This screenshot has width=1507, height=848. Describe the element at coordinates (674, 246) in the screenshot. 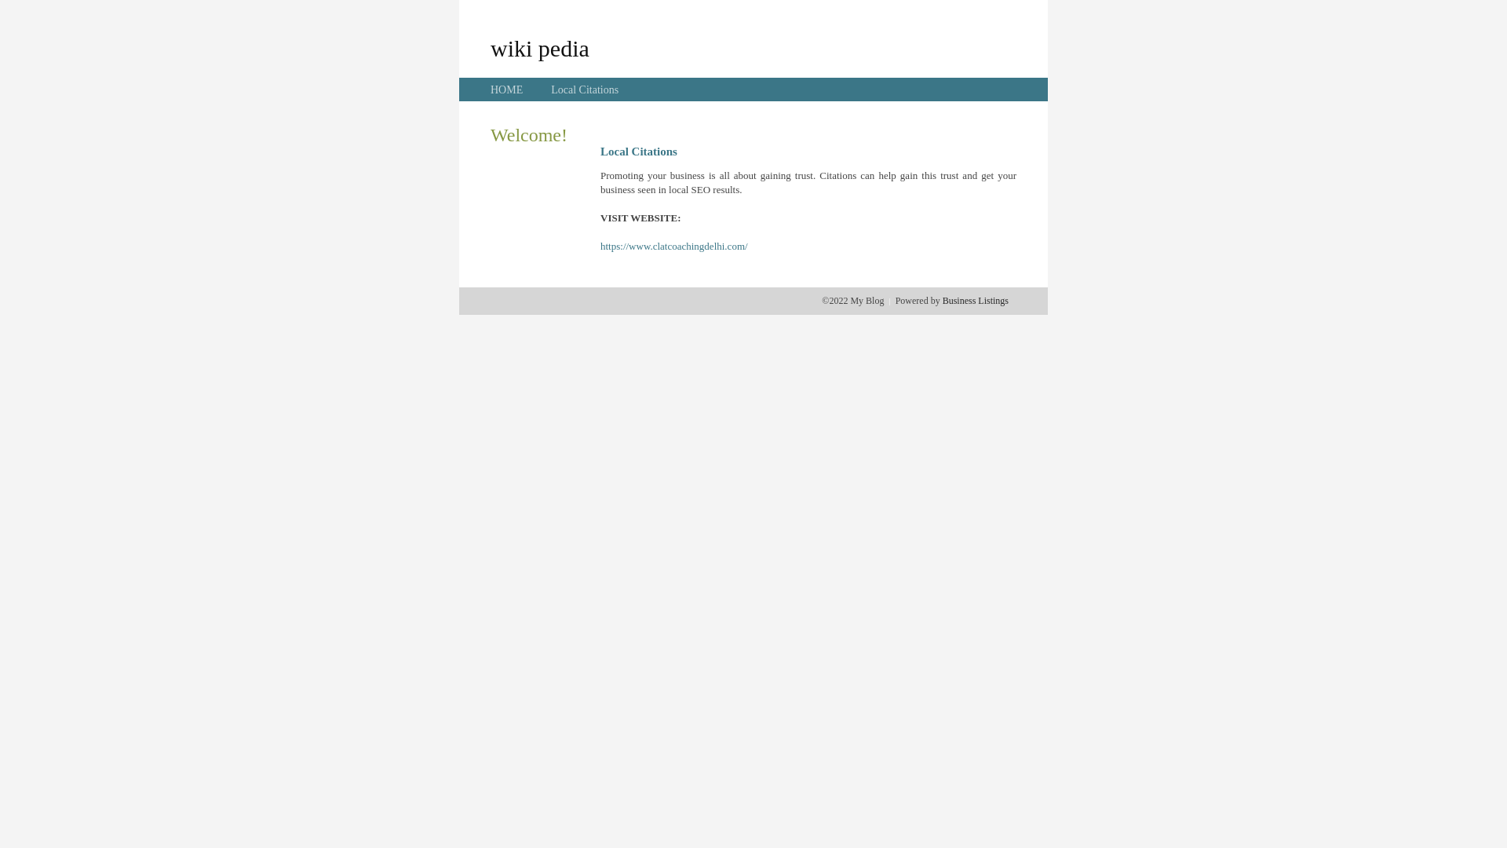

I see `'https://www.clatcoachingdelhi.com/'` at that location.